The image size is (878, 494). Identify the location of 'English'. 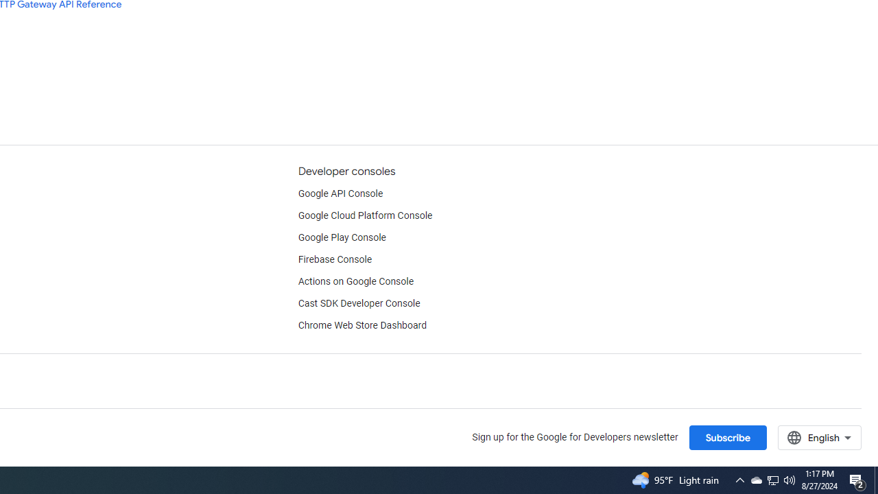
(819, 437).